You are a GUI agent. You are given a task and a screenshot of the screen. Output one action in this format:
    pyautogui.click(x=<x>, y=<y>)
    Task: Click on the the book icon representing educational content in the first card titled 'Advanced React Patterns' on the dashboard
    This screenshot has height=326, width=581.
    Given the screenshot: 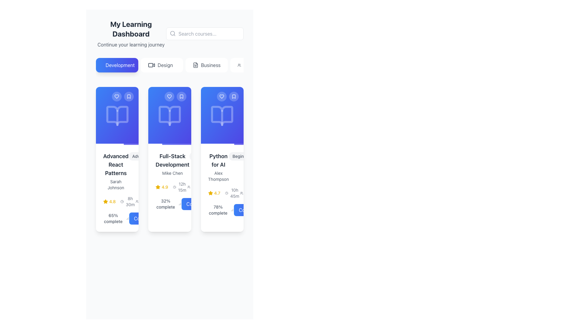 What is the action you would take?
    pyautogui.click(x=117, y=116)
    